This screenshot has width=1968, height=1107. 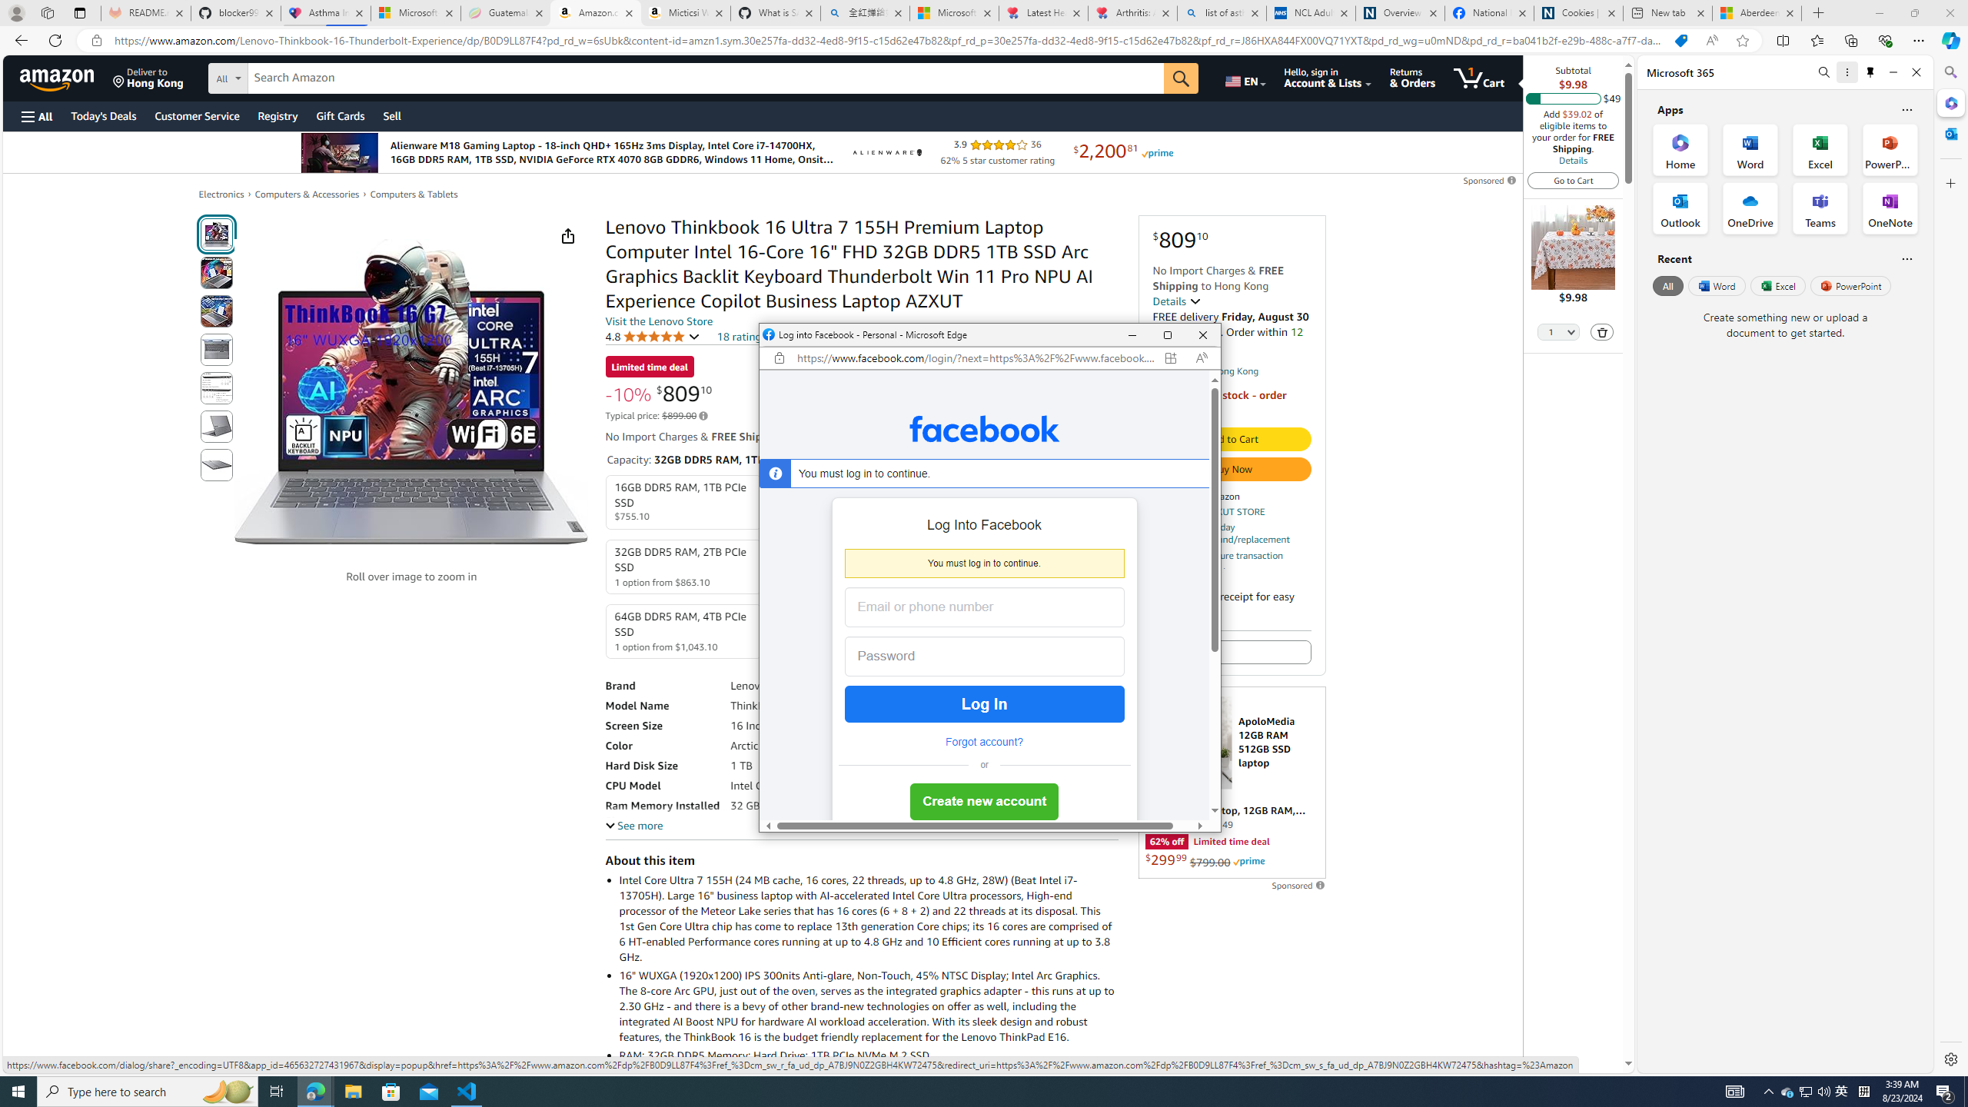 What do you see at coordinates (972, 656) in the screenshot?
I see `'Password'` at bounding box center [972, 656].